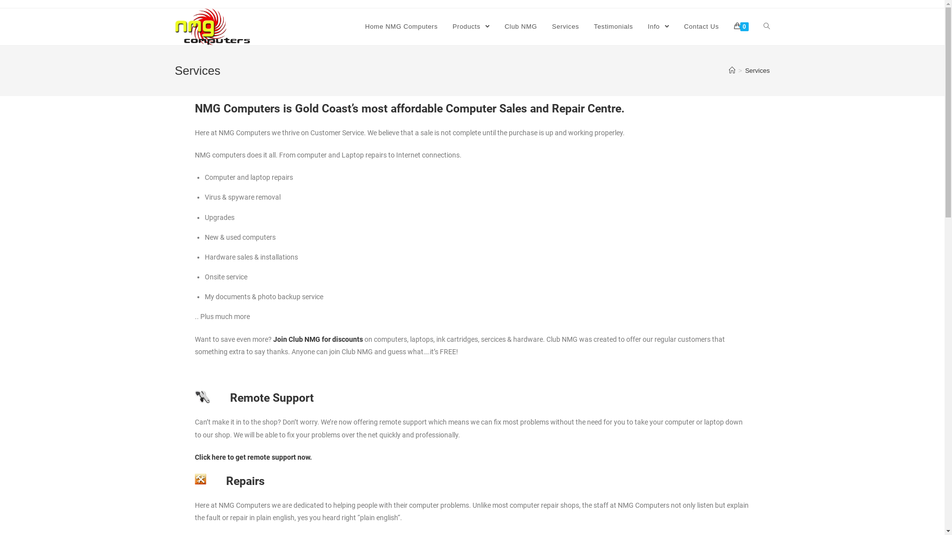  Describe the element at coordinates (613, 26) in the screenshot. I see `'Testimonials'` at that location.